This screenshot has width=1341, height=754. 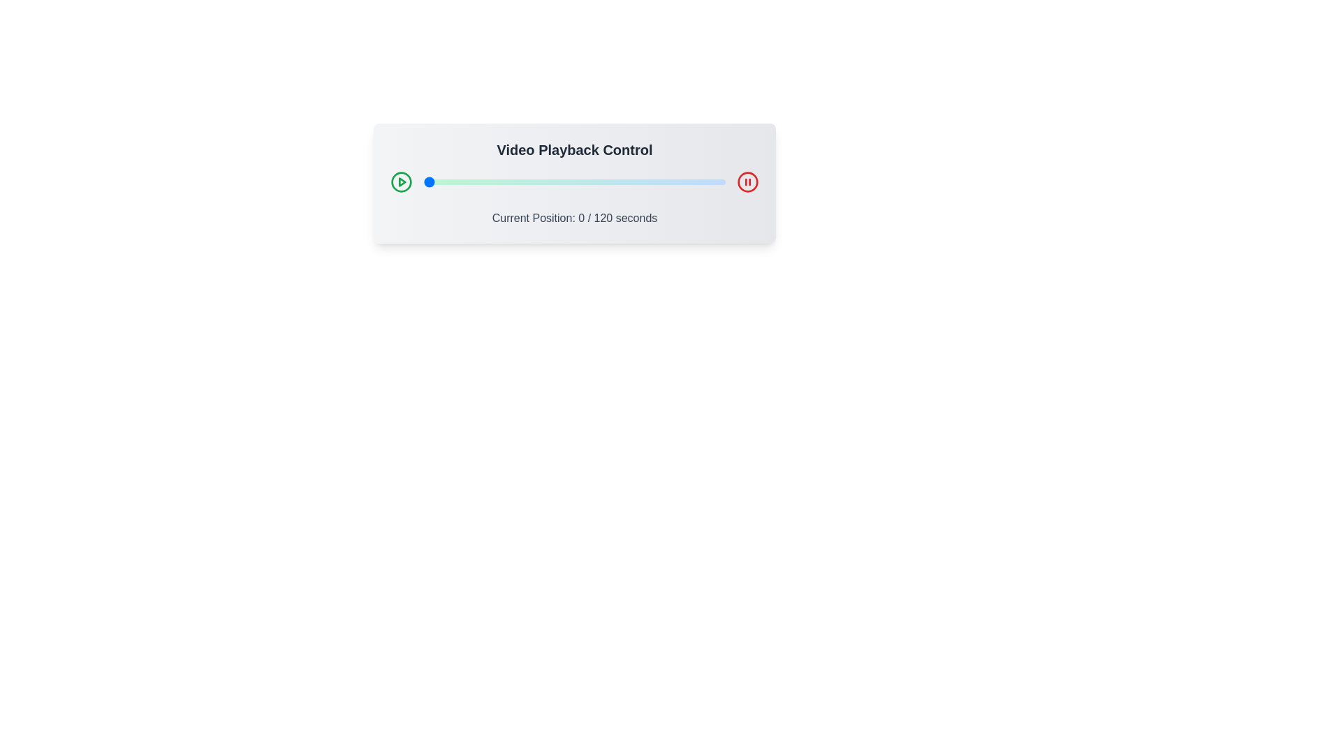 What do you see at coordinates (629, 182) in the screenshot?
I see `the video playback slider to 82 seconds` at bounding box center [629, 182].